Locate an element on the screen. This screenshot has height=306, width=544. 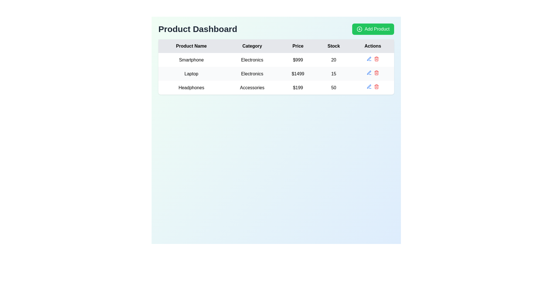
the third row in the product inventory table displaying details about 'Headphones' is located at coordinates (276, 87).